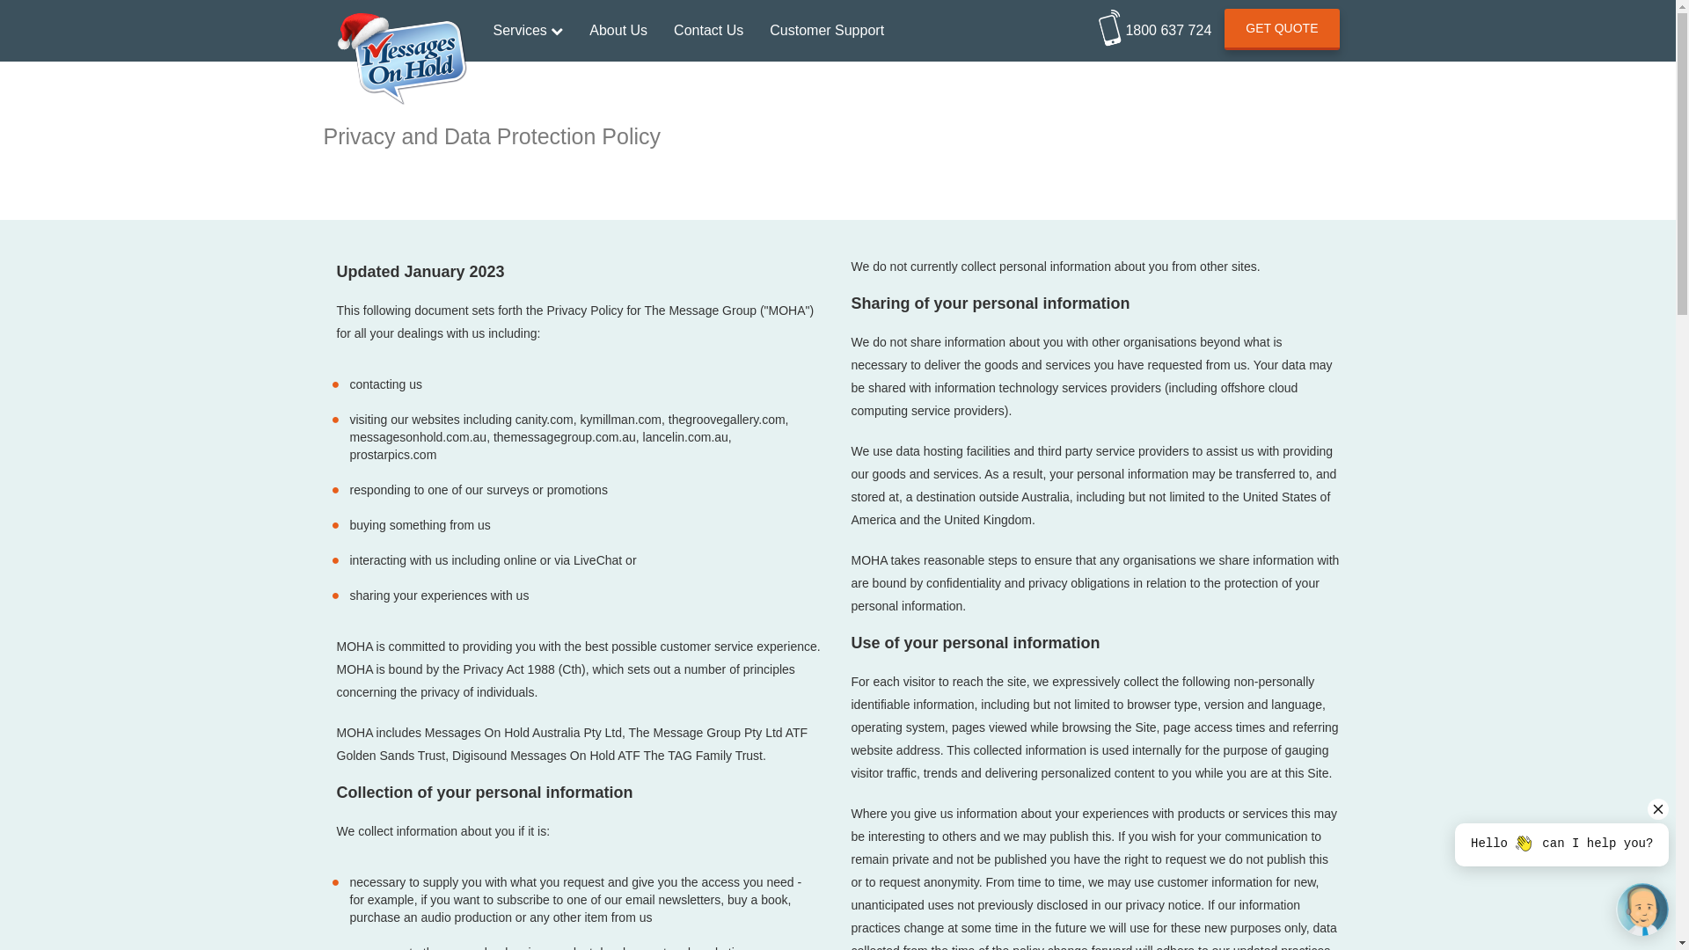 This screenshot has height=950, width=1689. Describe the element at coordinates (1155, 25) in the screenshot. I see `'1800 637 724'` at that location.